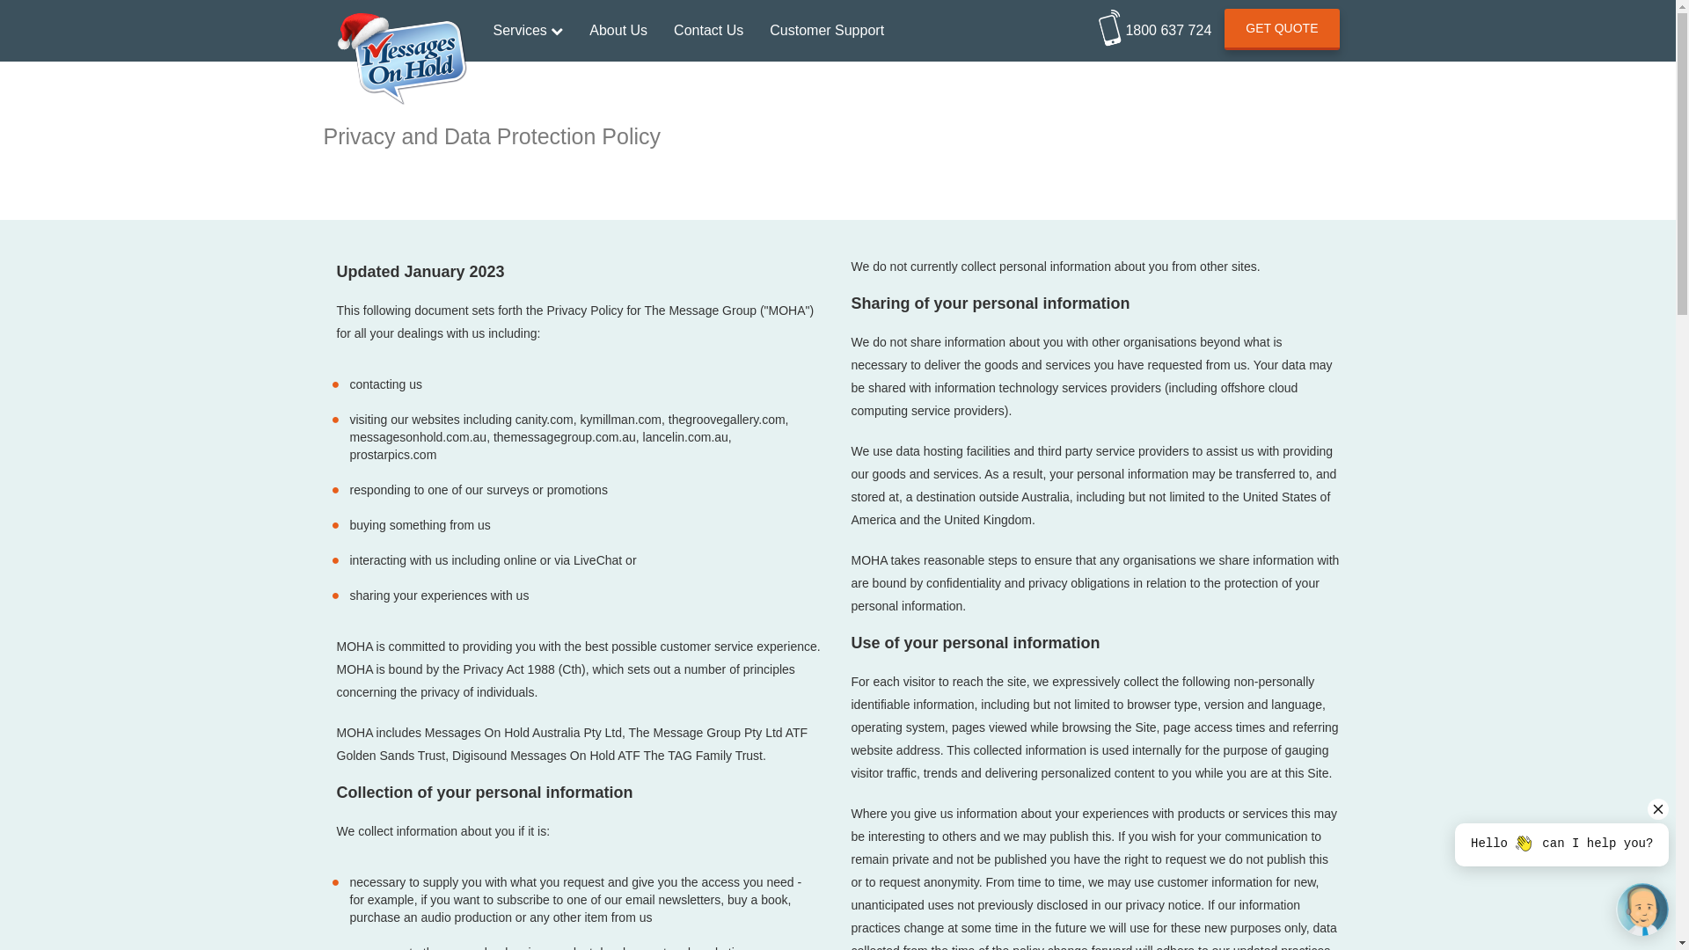 This screenshot has height=950, width=1689. Describe the element at coordinates (1155, 25) in the screenshot. I see `'1800 637 724'` at that location.